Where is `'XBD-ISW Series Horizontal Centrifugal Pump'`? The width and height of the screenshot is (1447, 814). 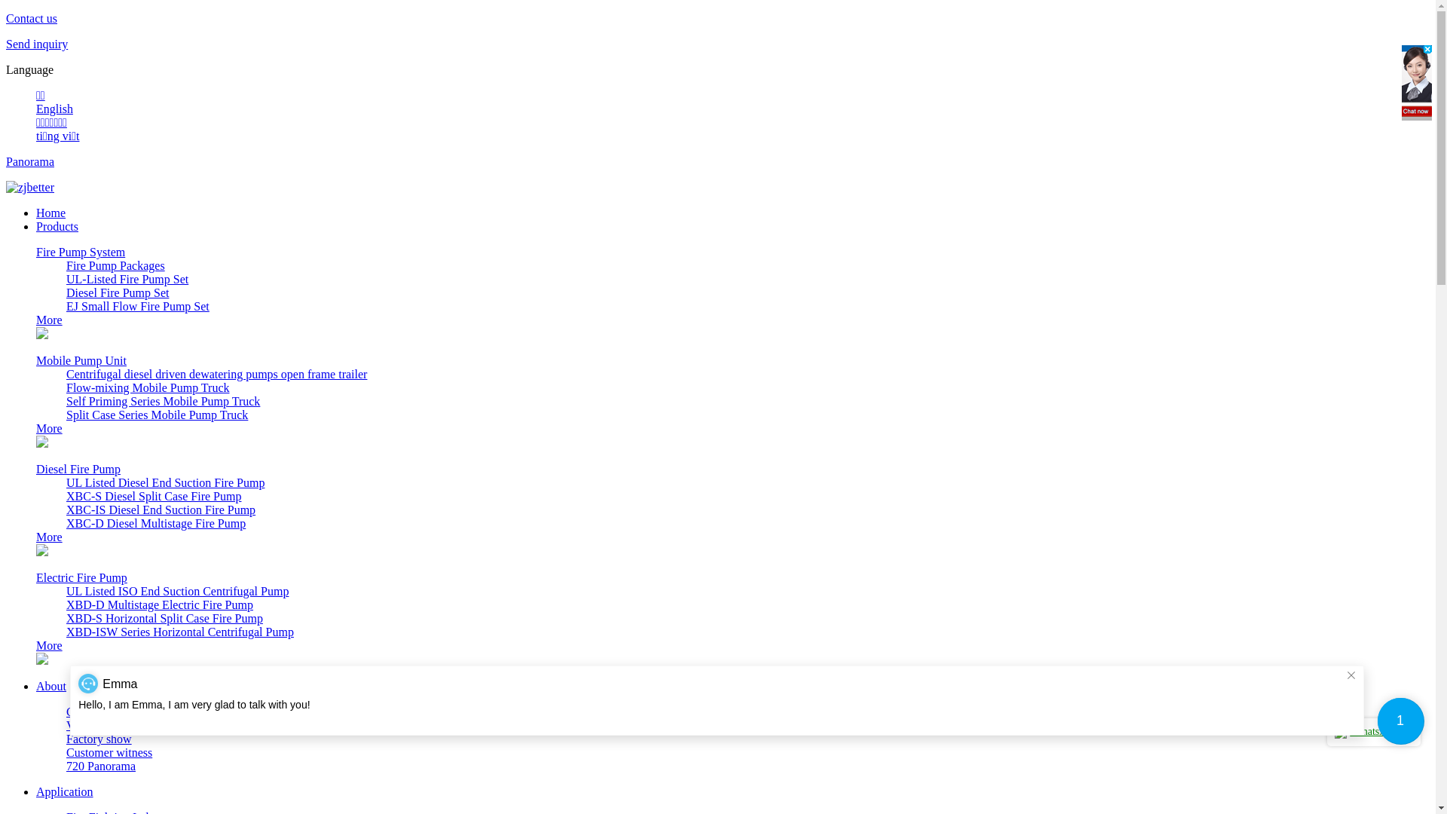
'XBD-ISW Series Horizontal Centrifugal Pump' is located at coordinates (180, 632).